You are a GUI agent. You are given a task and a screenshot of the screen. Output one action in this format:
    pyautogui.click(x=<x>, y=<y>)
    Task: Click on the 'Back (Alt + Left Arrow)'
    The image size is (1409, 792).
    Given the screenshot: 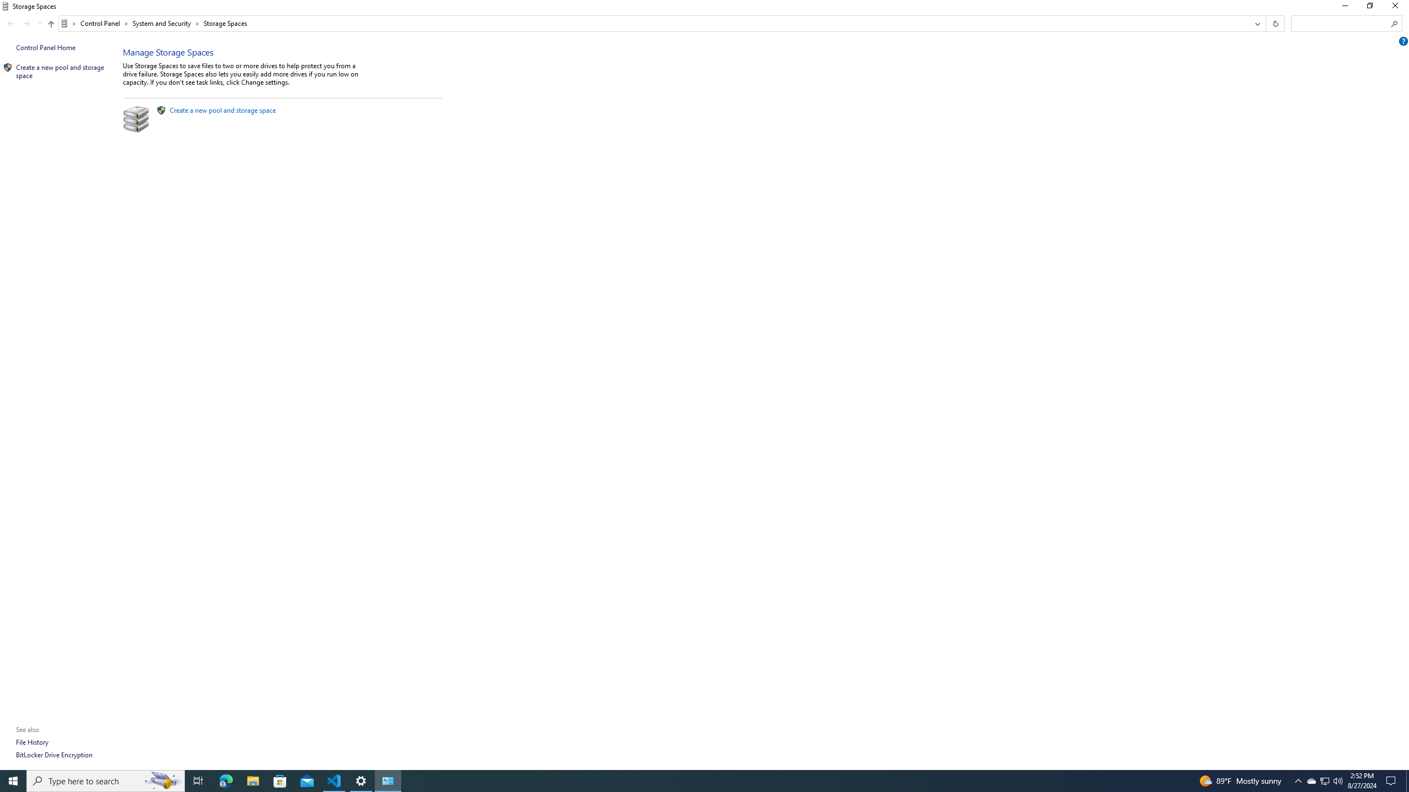 What is the action you would take?
    pyautogui.click(x=10, y=23)
    